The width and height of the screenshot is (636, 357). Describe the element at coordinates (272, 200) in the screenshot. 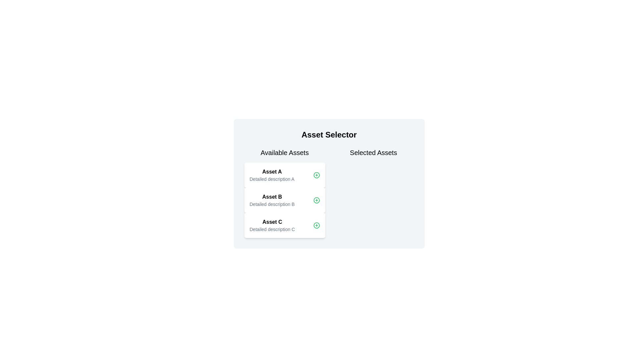

I see `information displayed in the second card of the asset list, which provides the title and description of the asset` at that location.